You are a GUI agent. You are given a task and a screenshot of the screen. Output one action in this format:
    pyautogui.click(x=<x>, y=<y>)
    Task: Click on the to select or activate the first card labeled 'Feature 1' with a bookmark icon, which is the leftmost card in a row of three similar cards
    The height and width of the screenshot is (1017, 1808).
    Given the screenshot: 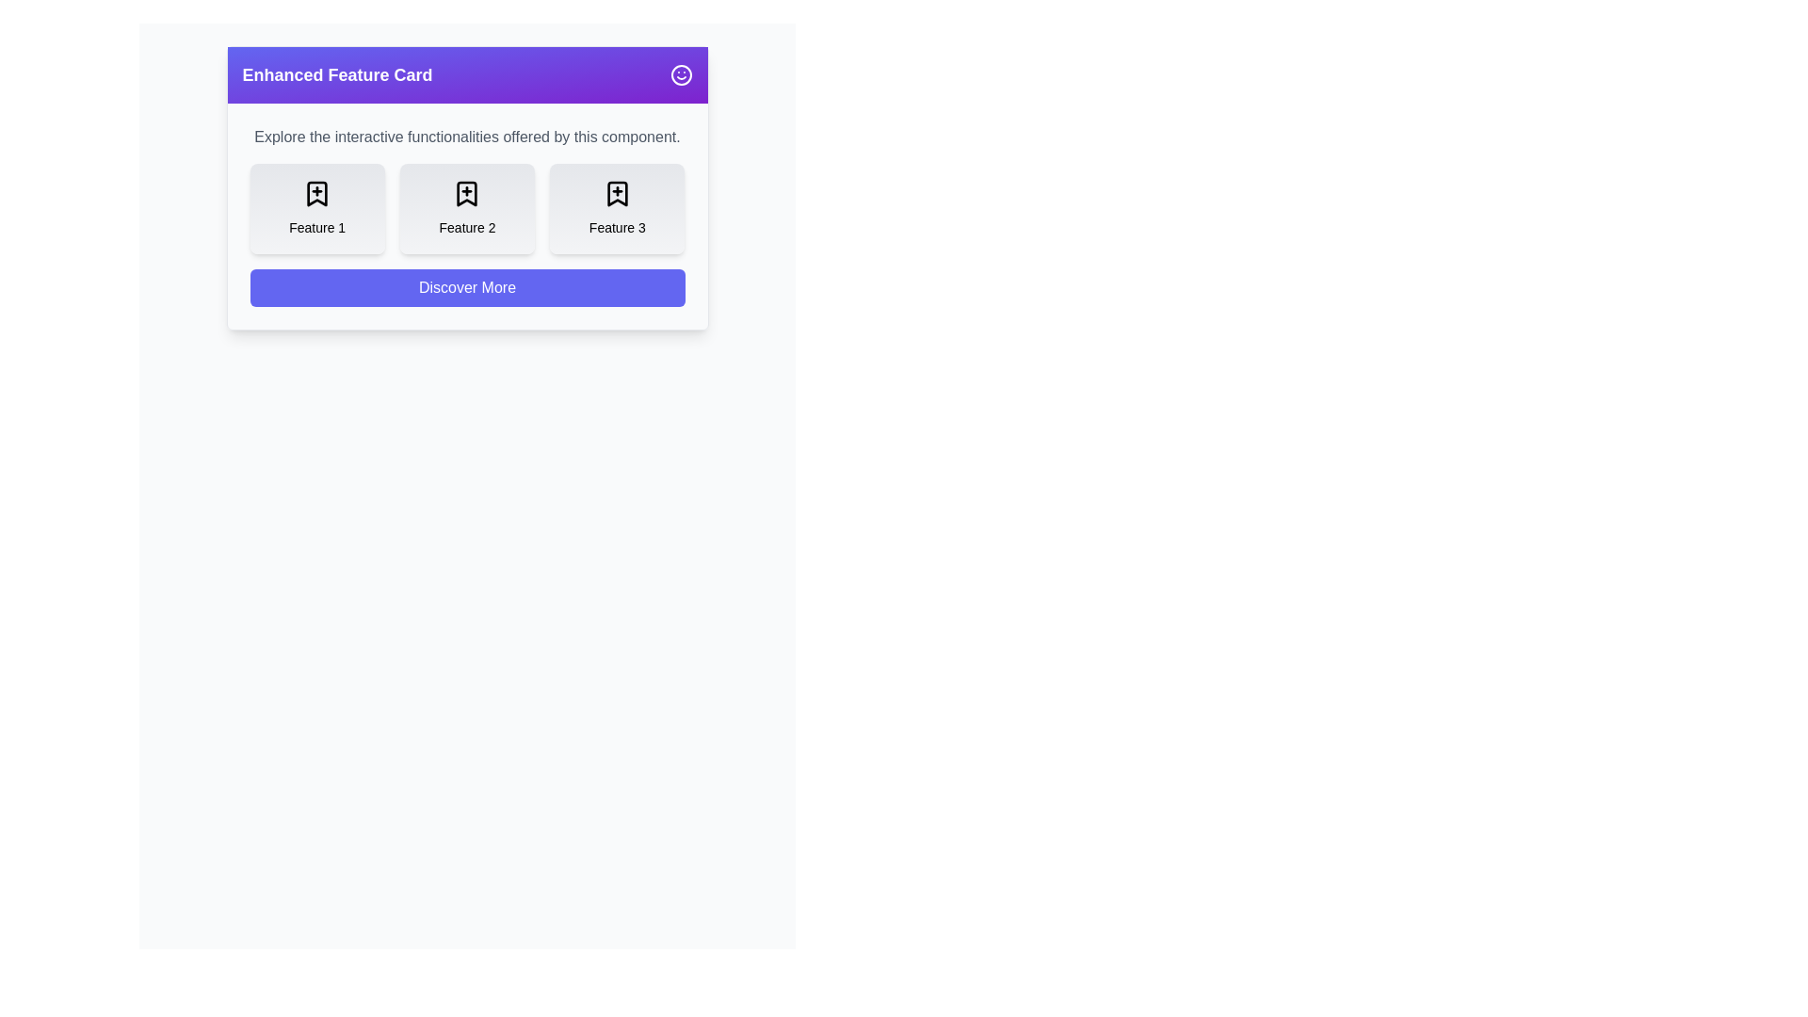 What is the action you would take?
    pyautogui.click(x=317, y=209)
    